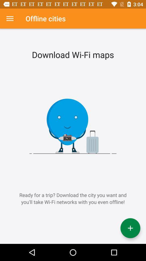  Describe the element at coordinates (10, 18) in the screenshot. I see `expand the menu of options for offline cities in an maps application` at that location.